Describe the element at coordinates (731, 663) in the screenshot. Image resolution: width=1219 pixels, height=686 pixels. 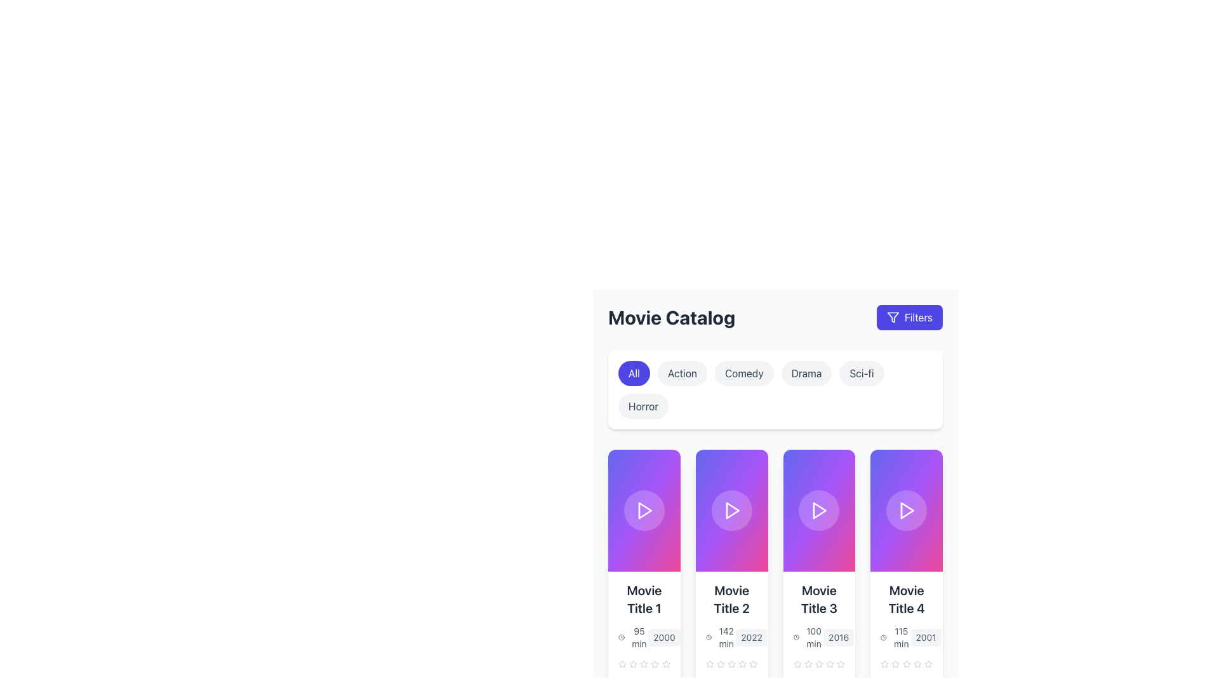
I see `the second star in the rating system below the movie card for 'Movie Title 2'` at that location.